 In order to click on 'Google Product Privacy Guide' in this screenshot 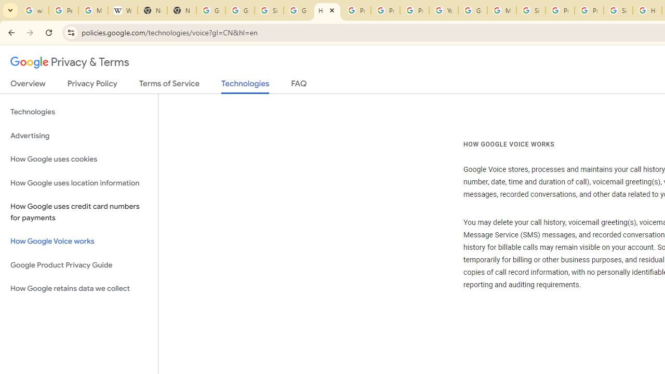, I will do `click(78, 264)`.